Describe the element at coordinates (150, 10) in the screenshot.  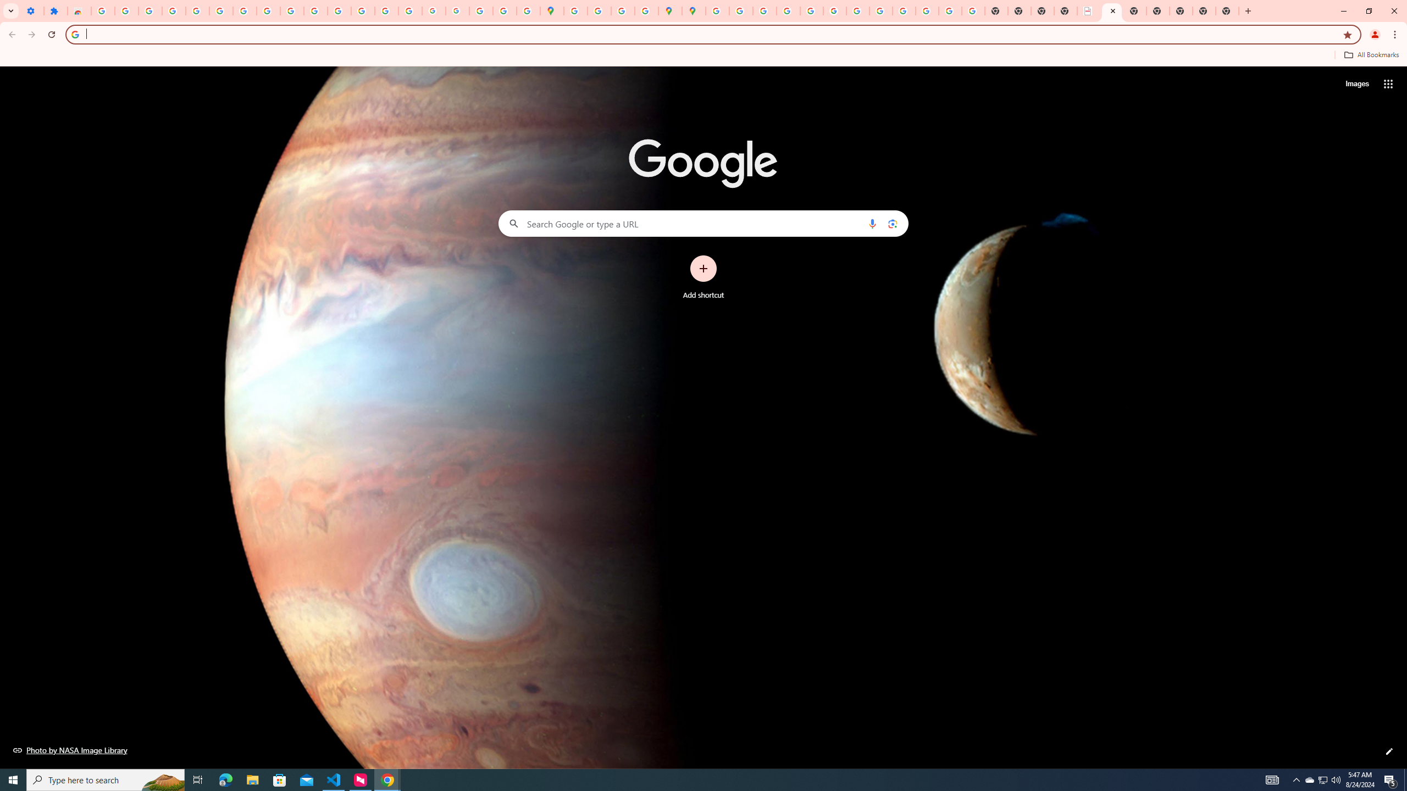
I see `'Delete photos & videos - Computer - Google Photos Help'` at that location.